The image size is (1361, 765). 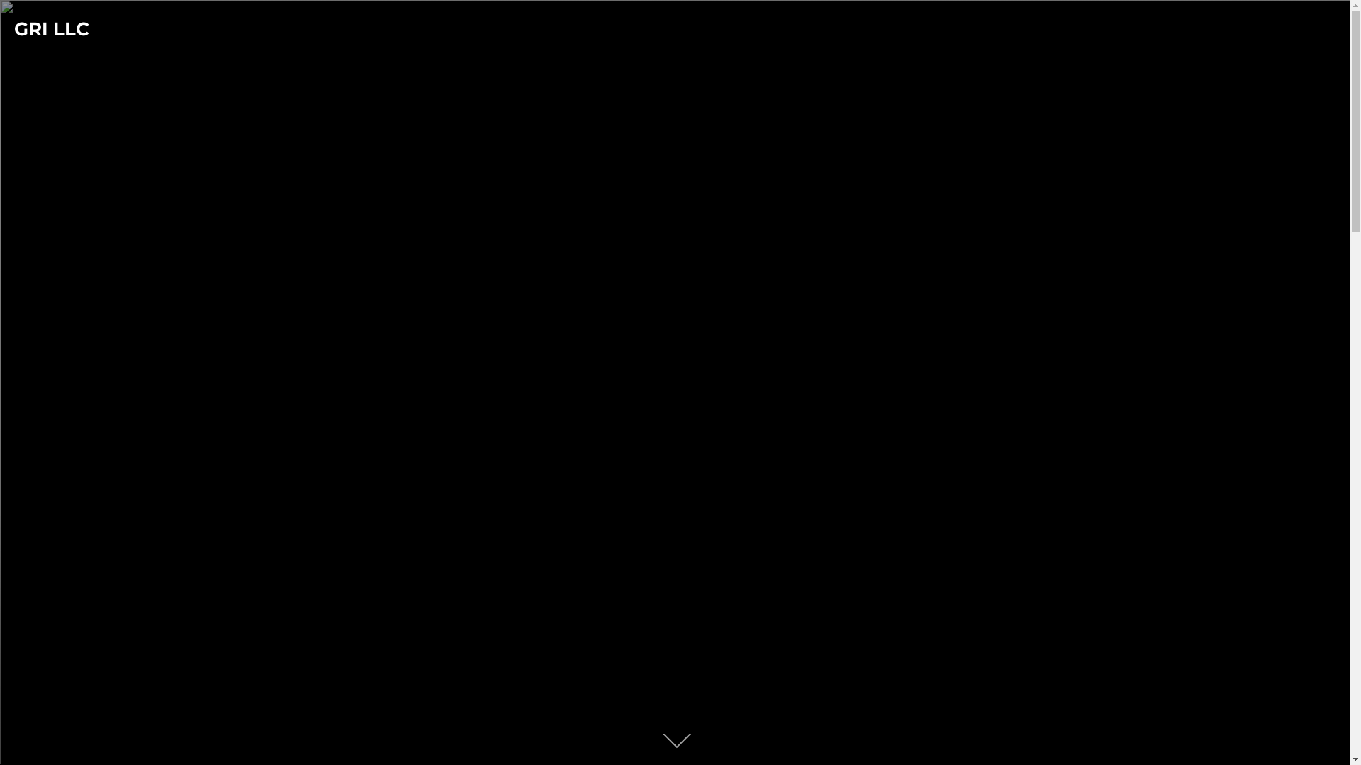 What do you see at coordinates (51, 29) in the screenshot?
I see `'GRI LLC'` at bounding box center [51, 29].